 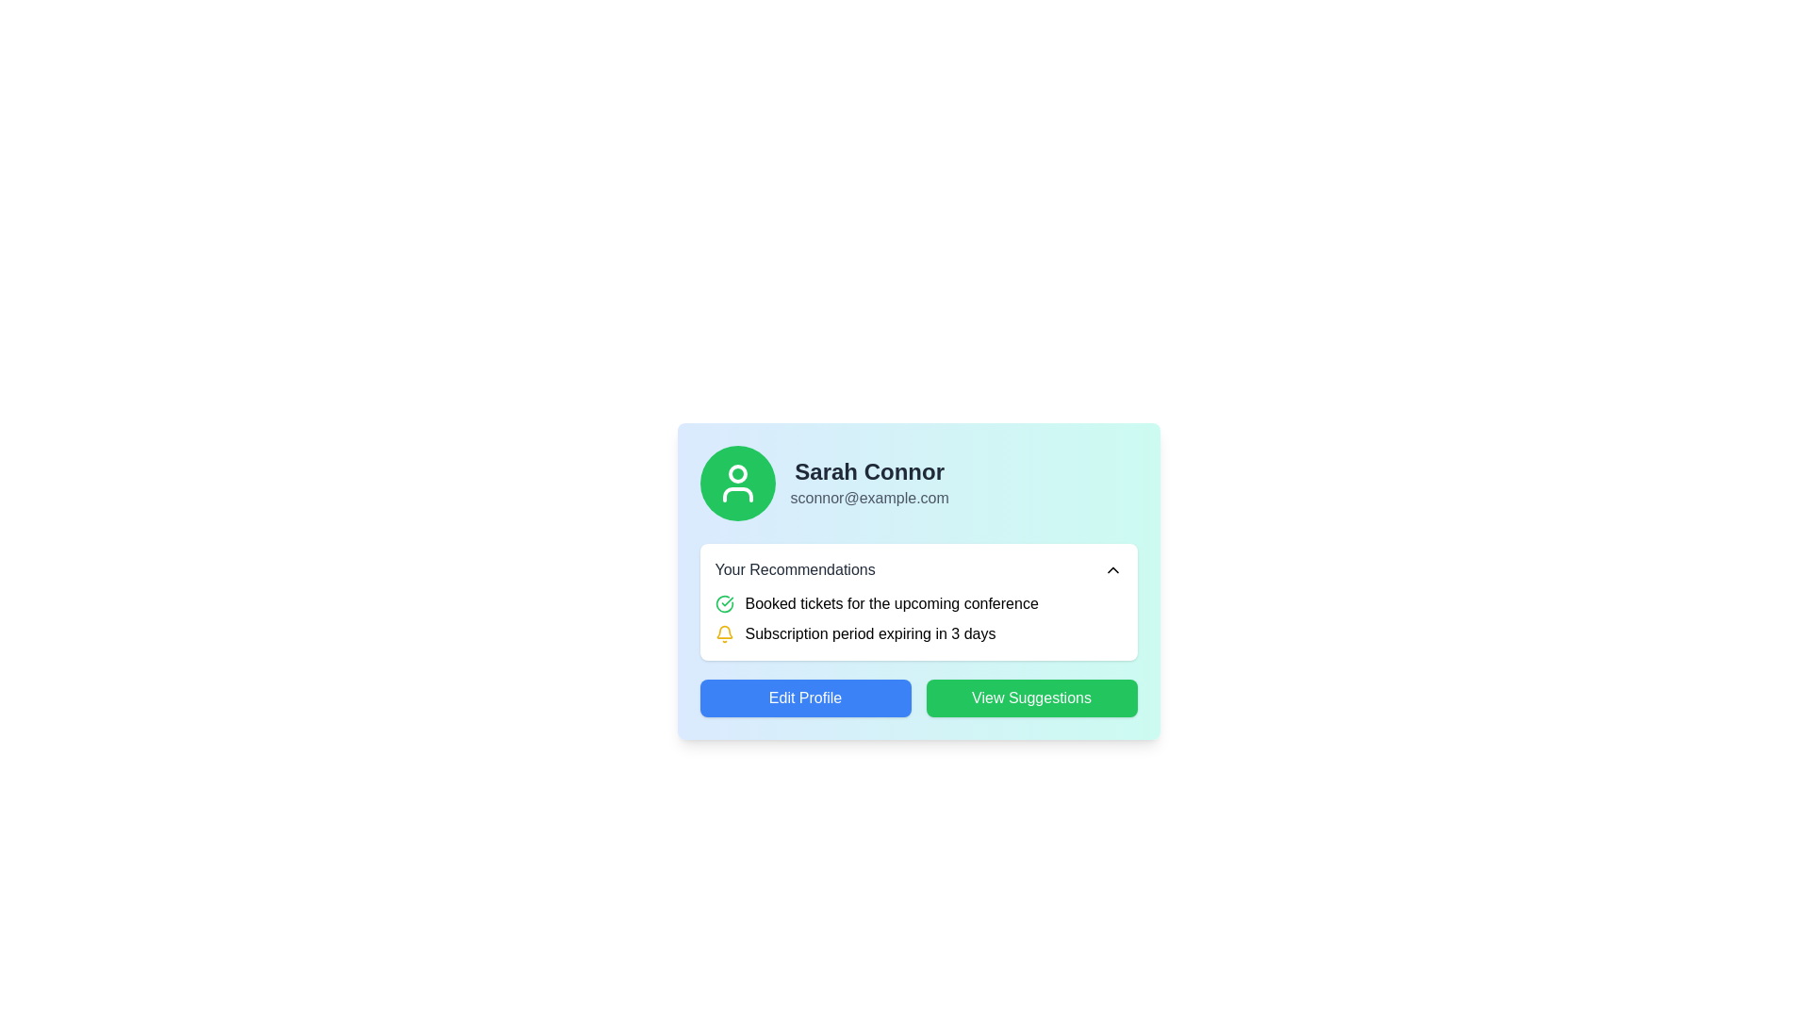 What do you see at coordinates (868, 471) in the screenshot?
I see `prominently styled text label displaying 'Sarah Connor' in bold, large font located at the top of the profile card` at bounding box center [868, 471].